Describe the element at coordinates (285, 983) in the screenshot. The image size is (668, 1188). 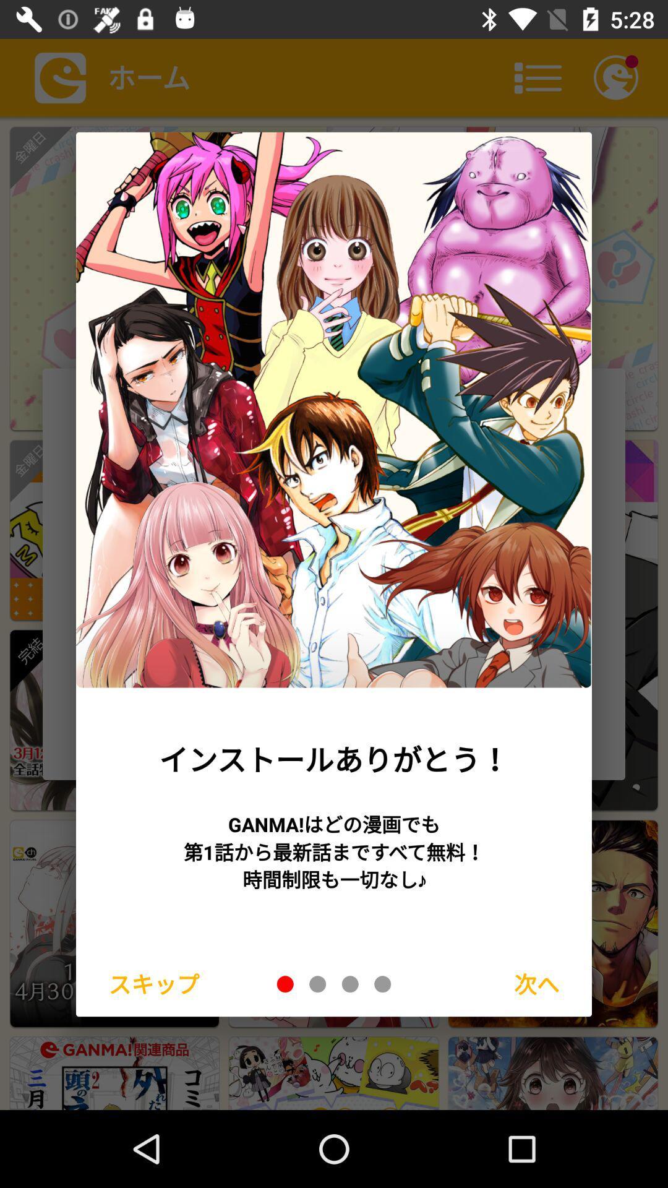
I see `first image` at that location.